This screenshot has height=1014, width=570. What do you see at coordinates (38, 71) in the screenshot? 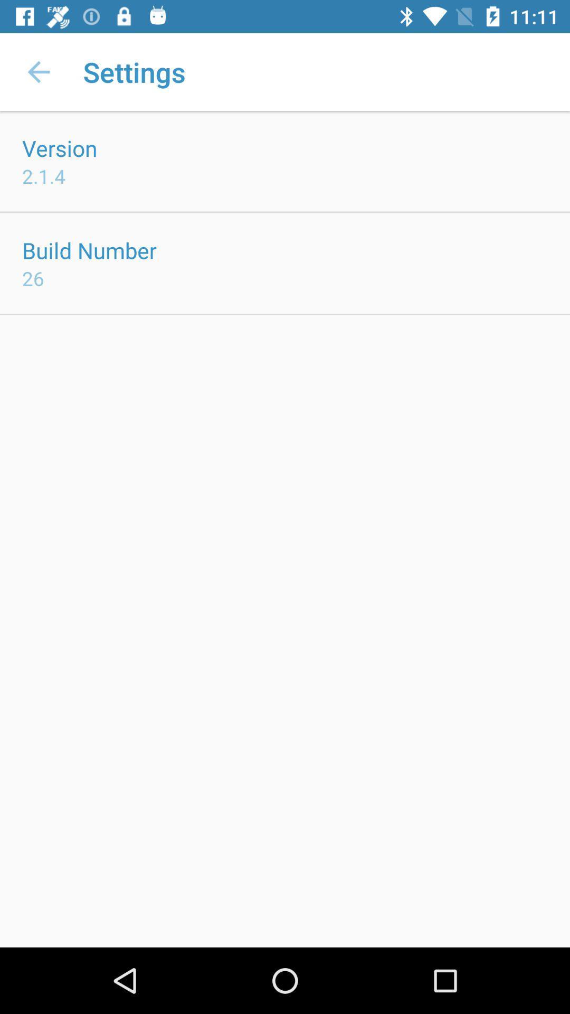
I see `the app next to settings app` at bounding box center [38, 71].